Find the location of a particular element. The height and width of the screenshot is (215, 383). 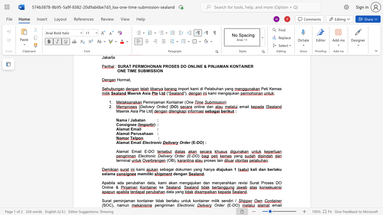

the subset text "tron" within the text "Electronic" is located at coordinates (184, 205).